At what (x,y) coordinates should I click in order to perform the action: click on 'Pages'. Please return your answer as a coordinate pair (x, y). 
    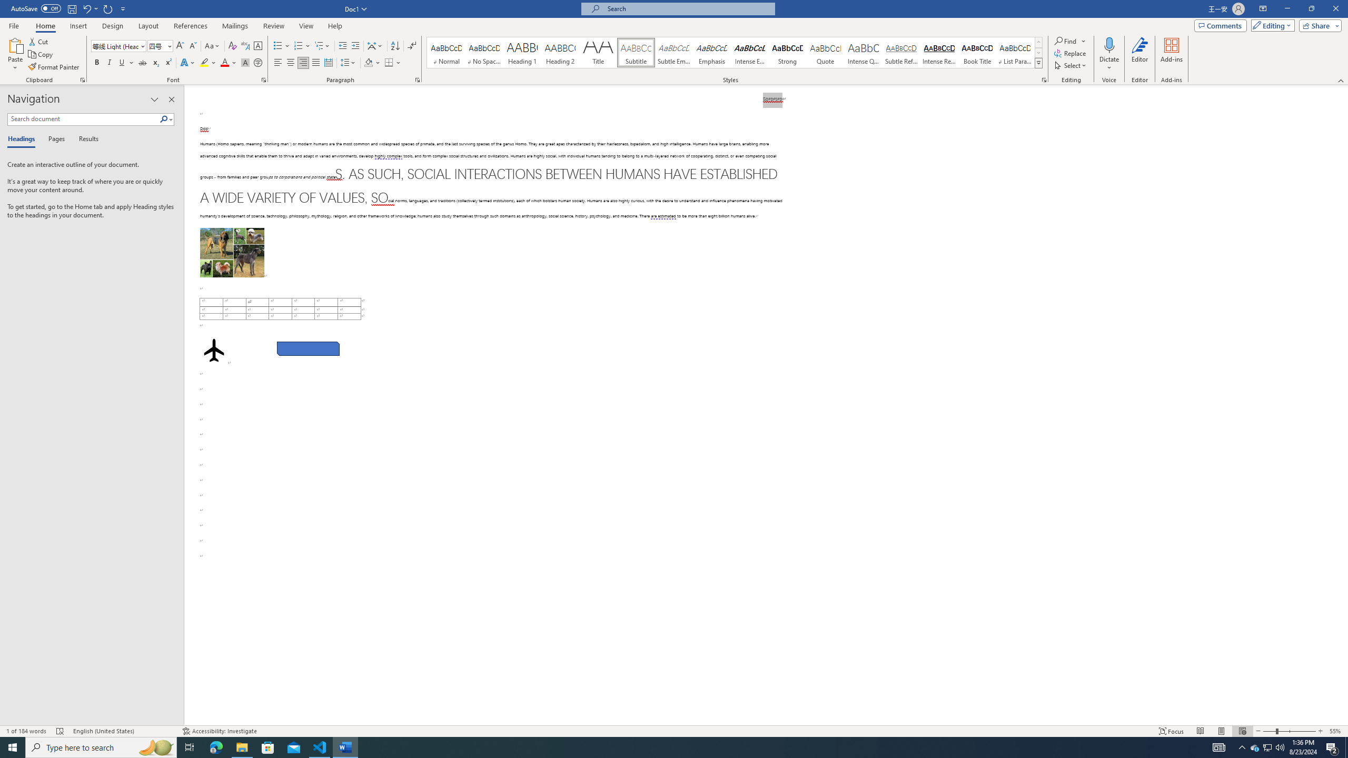
    Looking at the image, I should click on (54, 139).